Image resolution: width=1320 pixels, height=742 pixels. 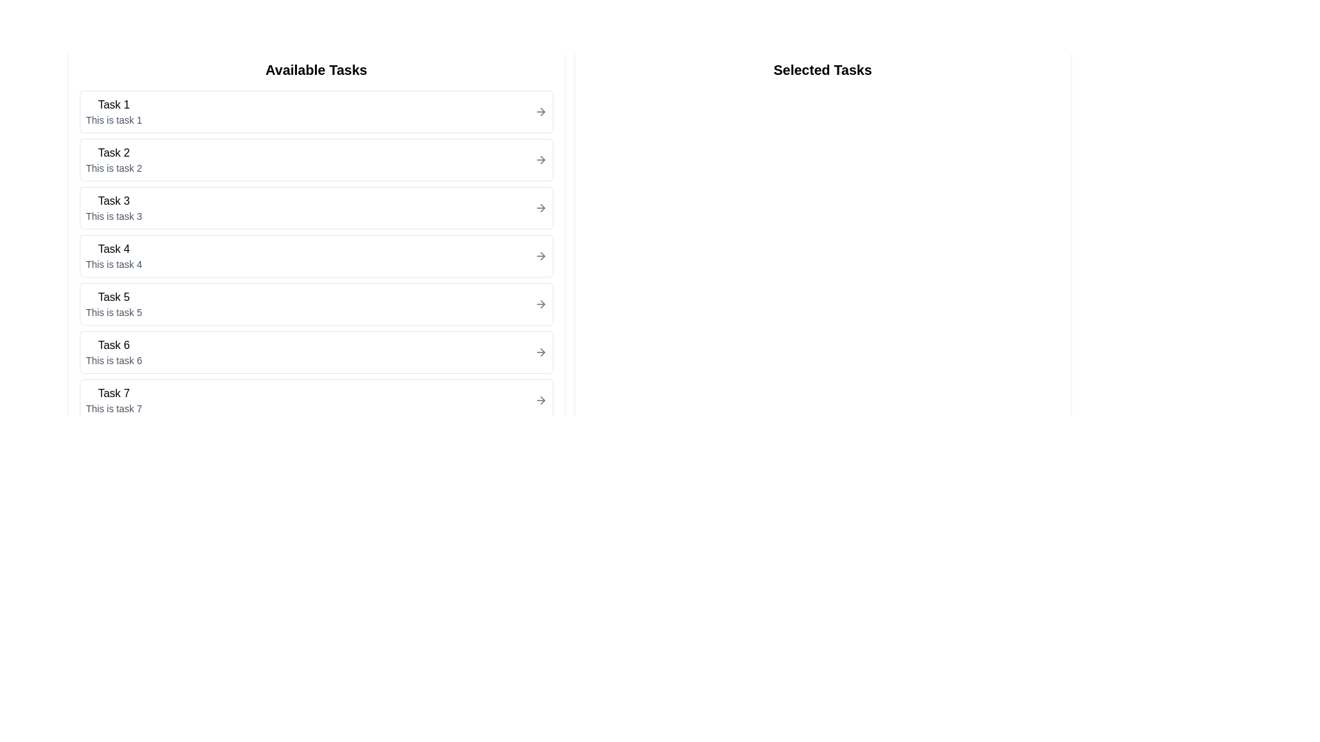 I want to click on the text label displaying 'Task 1' located in the top-left section of the vertical list under 'Available Tasks', so click(x=113, y=104).